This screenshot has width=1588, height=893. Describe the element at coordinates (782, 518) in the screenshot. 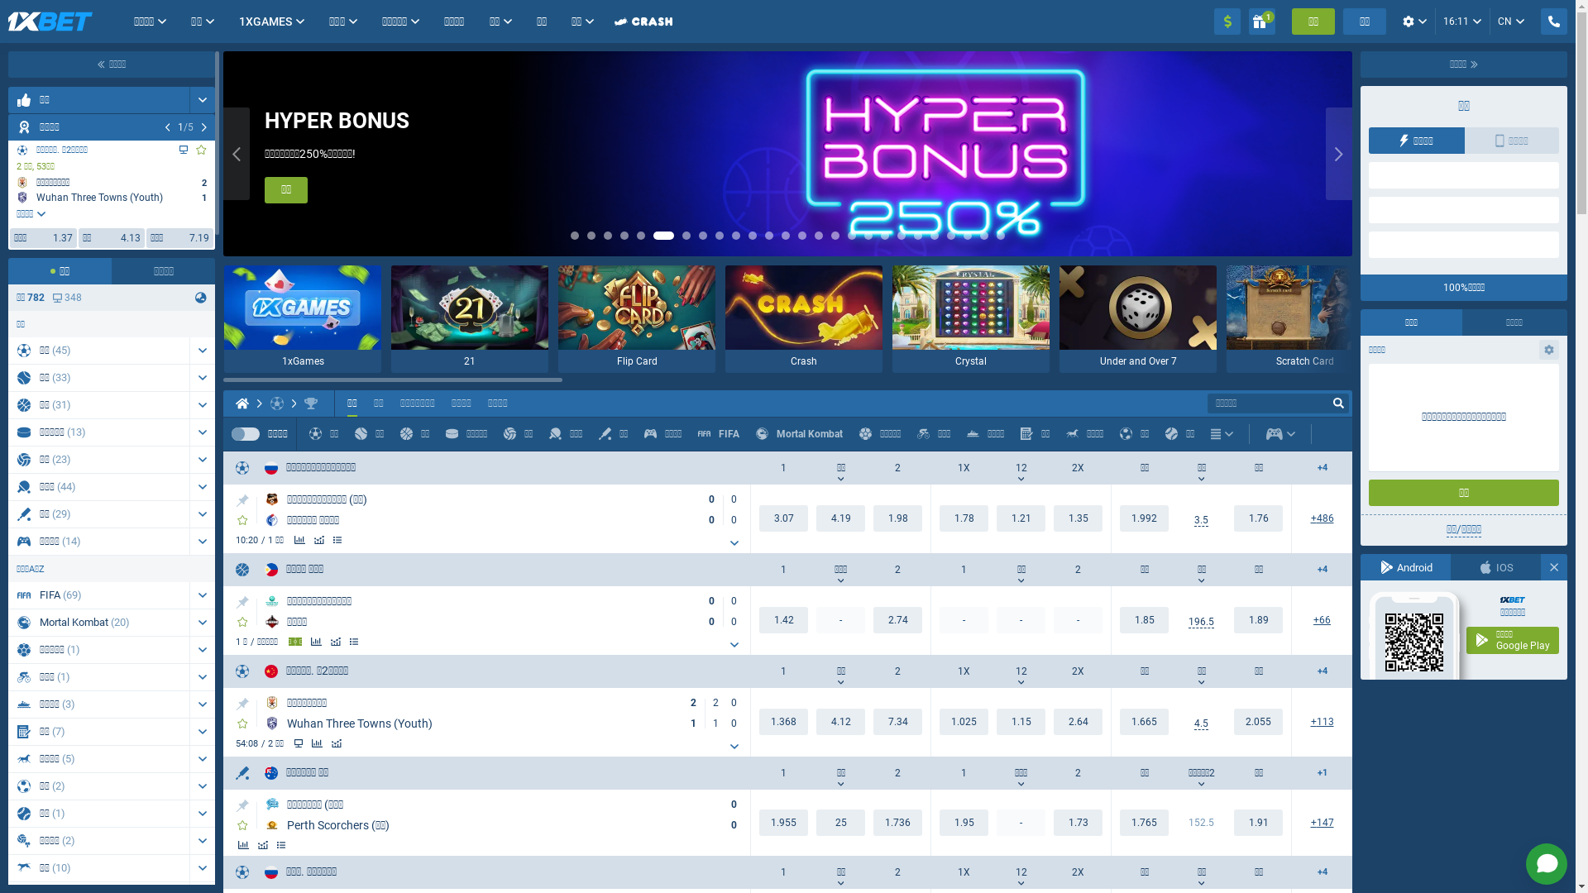

I see `'3.07'` at that location.